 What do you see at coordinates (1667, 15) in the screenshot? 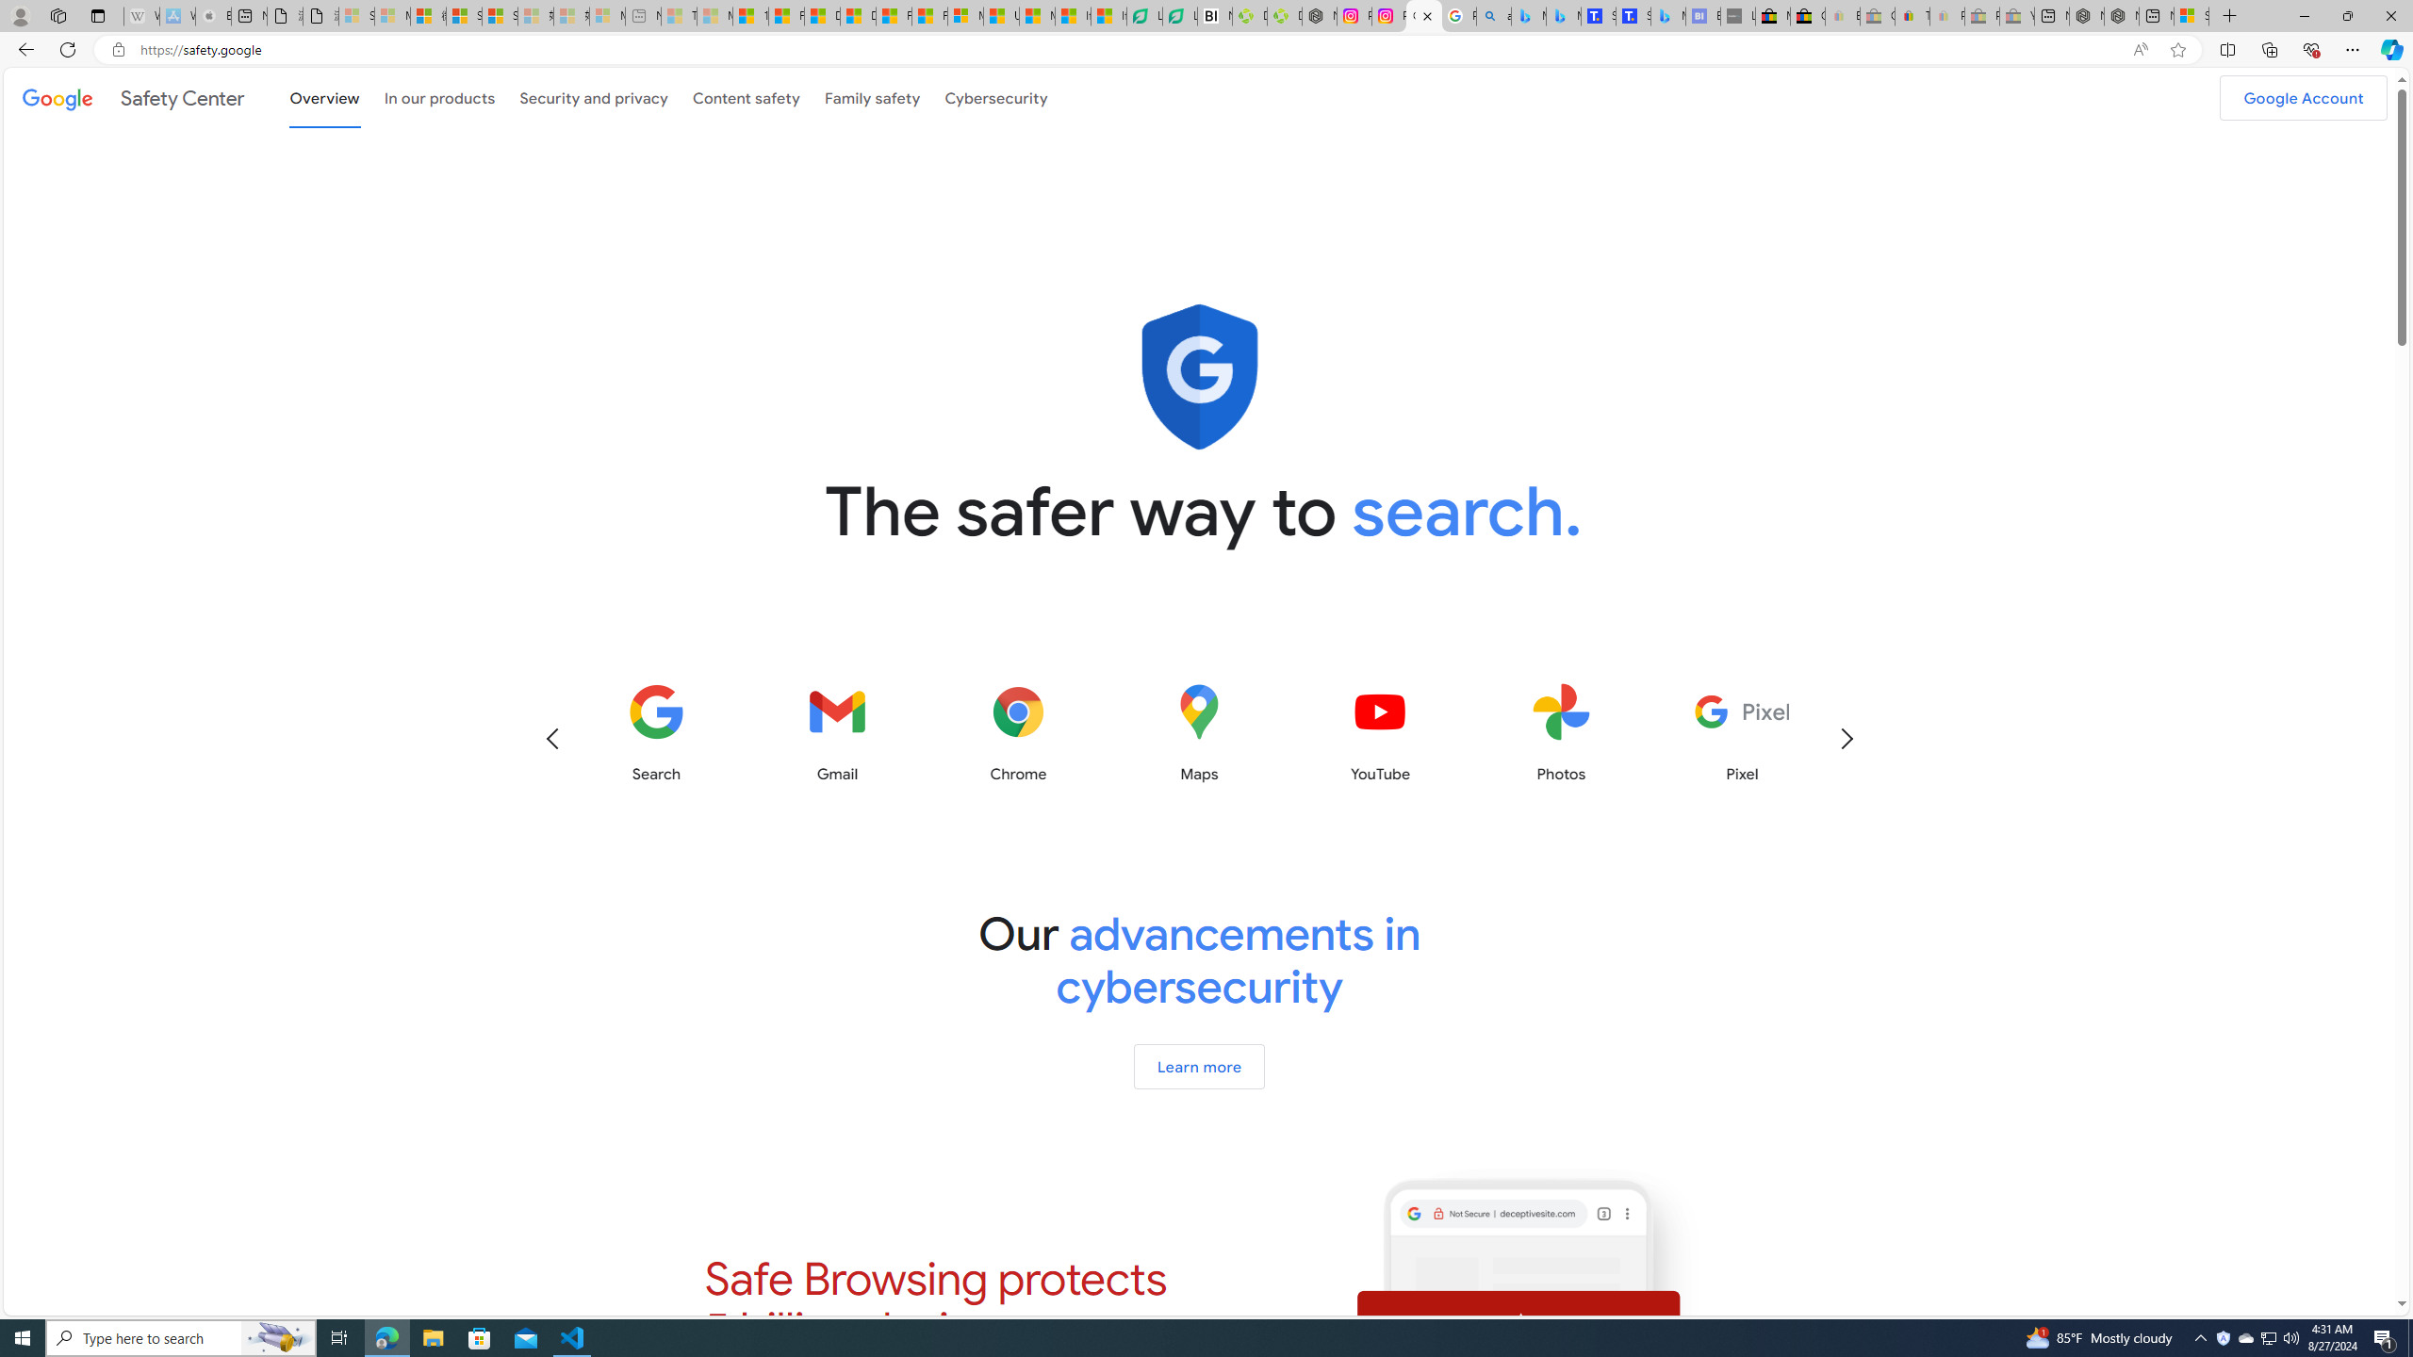
I see `'Microsoft Bing Travel - Shangri-La Hotel Bangkok'` at bounding box center [1667, 15].